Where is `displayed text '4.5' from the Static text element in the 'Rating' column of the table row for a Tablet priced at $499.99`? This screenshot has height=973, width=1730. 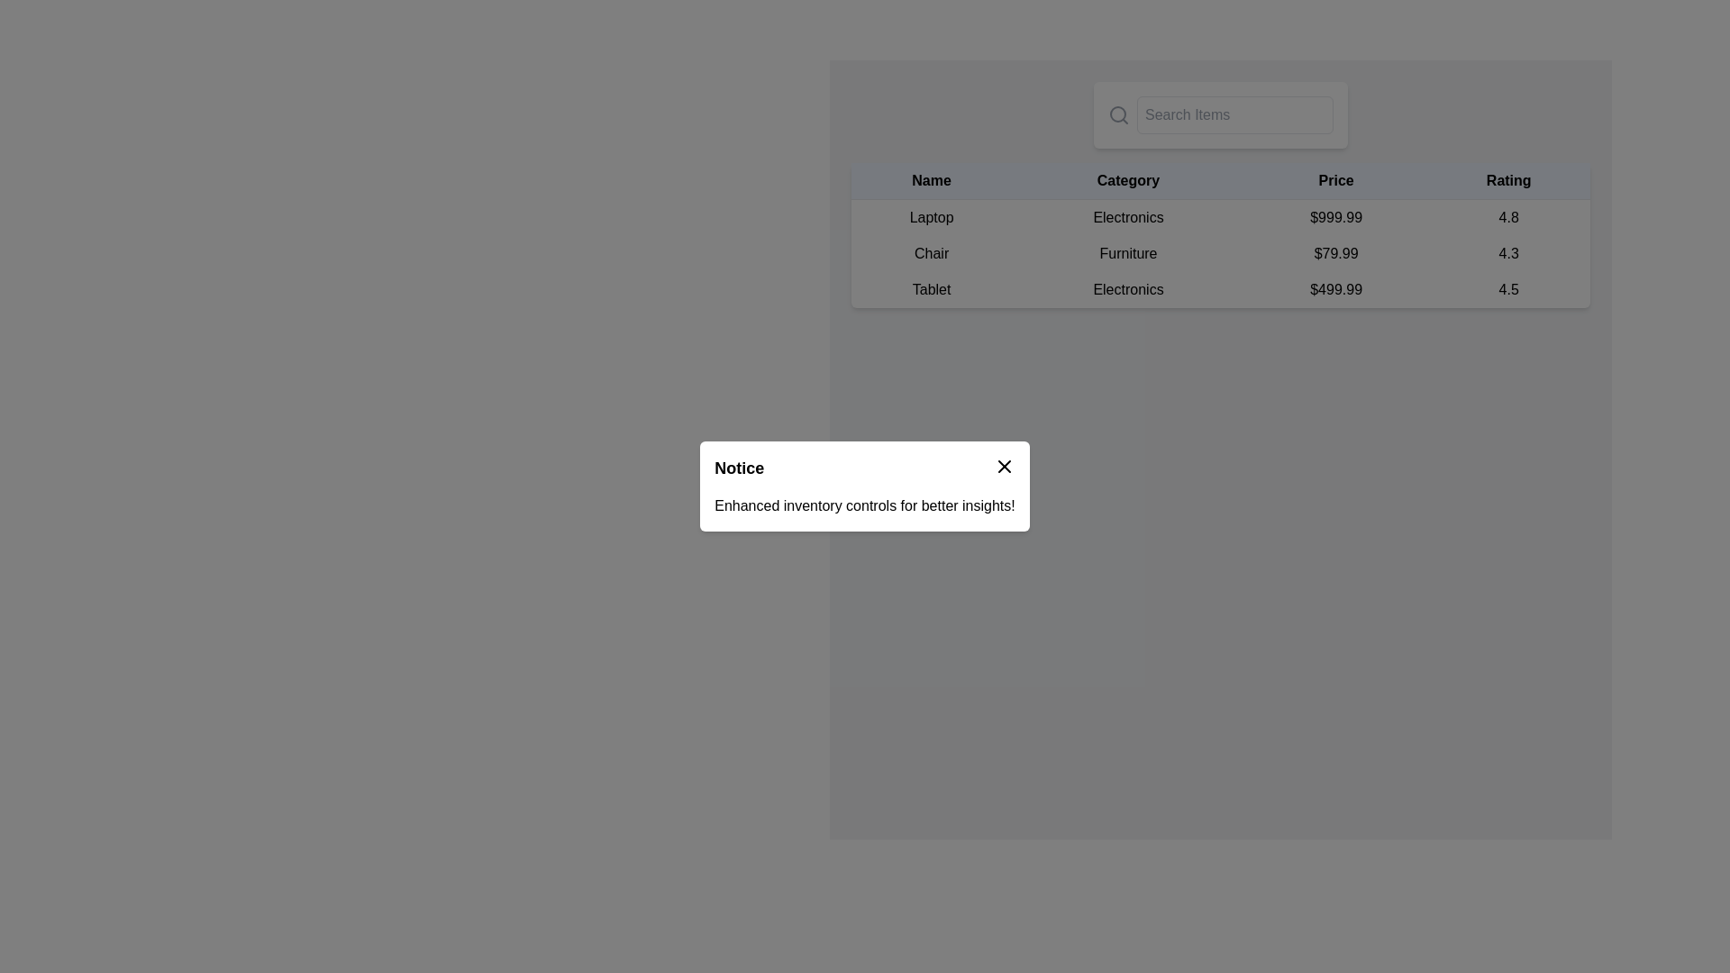 displayed text '4.5' from the Static text element in the 'Rating' column of the table row for a Tablet priced at $499.99 is located at coordinates (1508, 288).